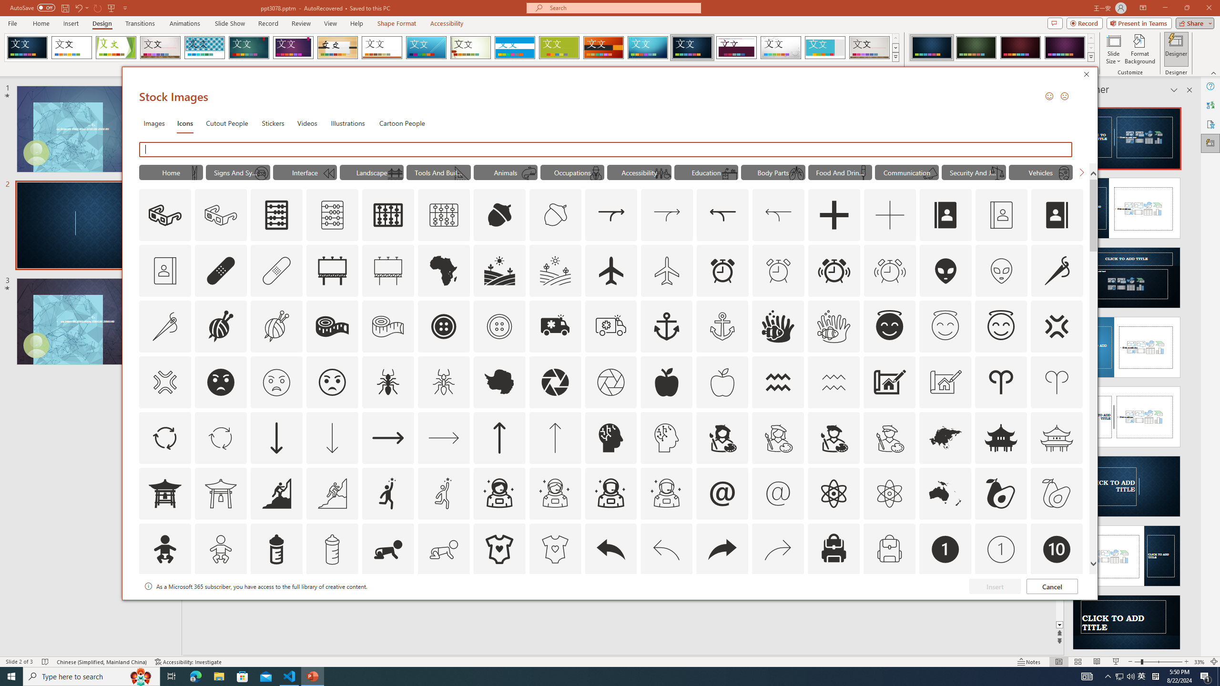 Image resolution: width=1220 pixels, height=686 pixels. I want to click on 'AutomationID: Icons_ArrowCircle', so click(164, 437).